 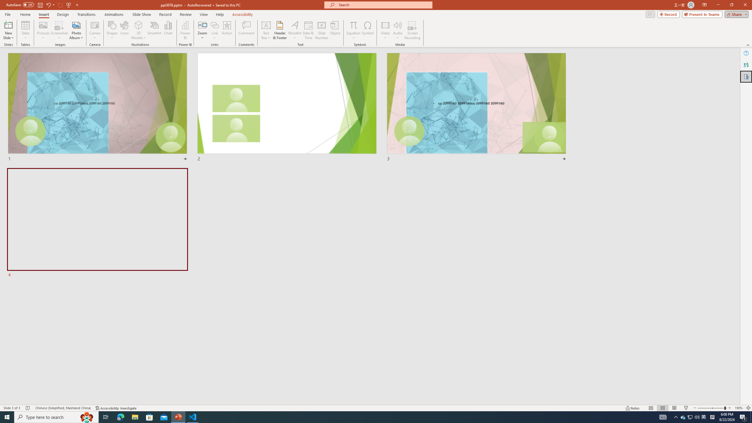 What do you see at coordinates (279, 30) in the screenshot?
I see `'Header & Footer...'` at bounding box center [279, 30].